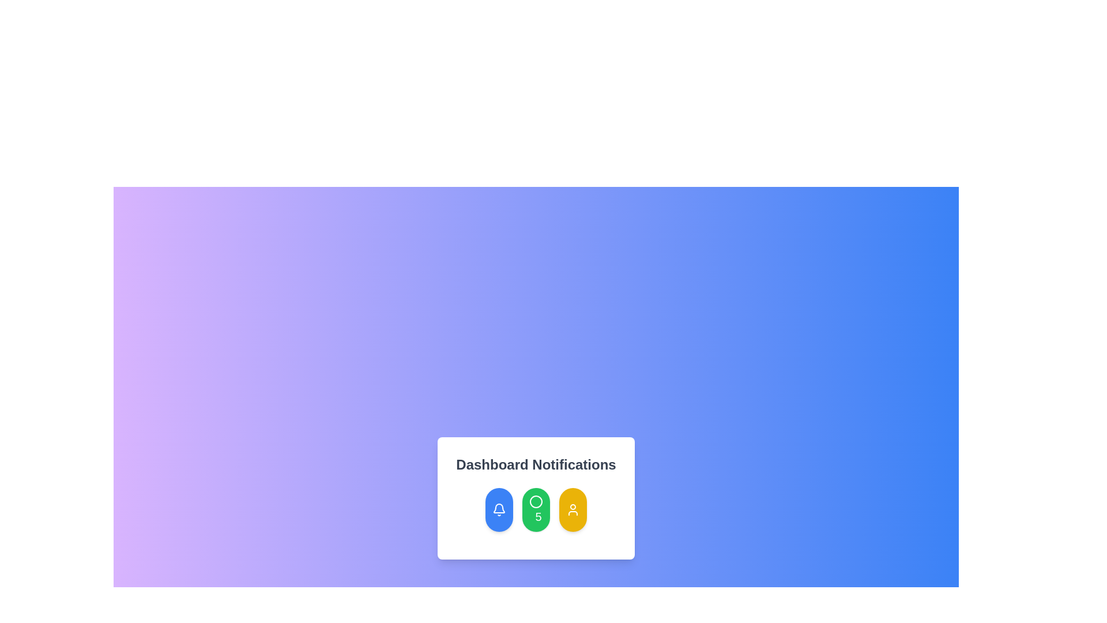  What do you see at coordinates (536, 501) in the screenshot?
I see `the circular SVG graphic element within the green button displaying the text '5', which is centrally positioned below 'Dashboard Notifications'` at bounding box center [536, 501].